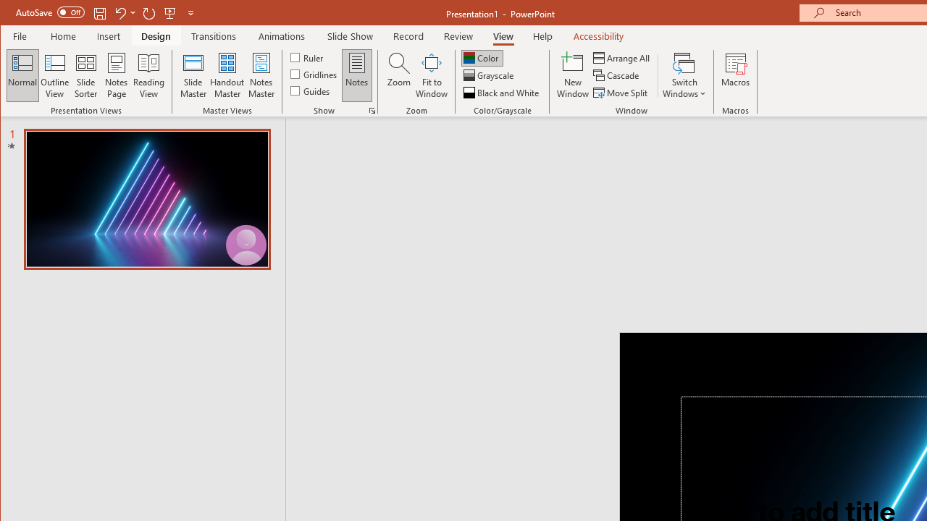 The height and width of the screenshot is (521, 927). What do you see at coordinates (482, 57) in the screenshot?
I see `'Color'` at bounding box center [482, 57].